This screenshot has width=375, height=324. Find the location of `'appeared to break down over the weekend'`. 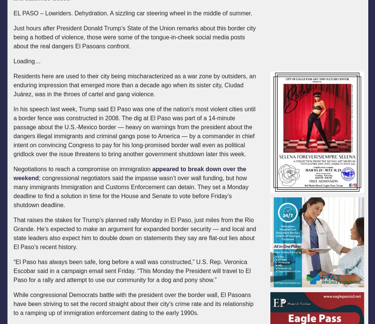

'appeared to break down over the weekend' is located at coordinates (129, 173).